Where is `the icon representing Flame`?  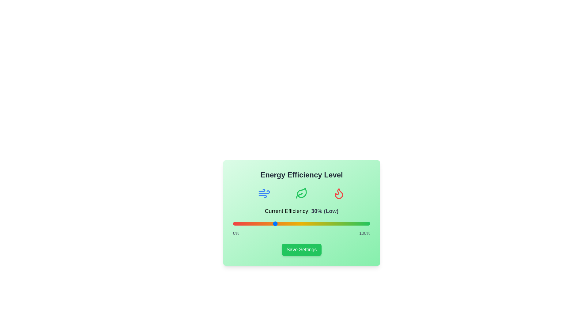 the icon representing Flame is located at coordinates (339, 193).